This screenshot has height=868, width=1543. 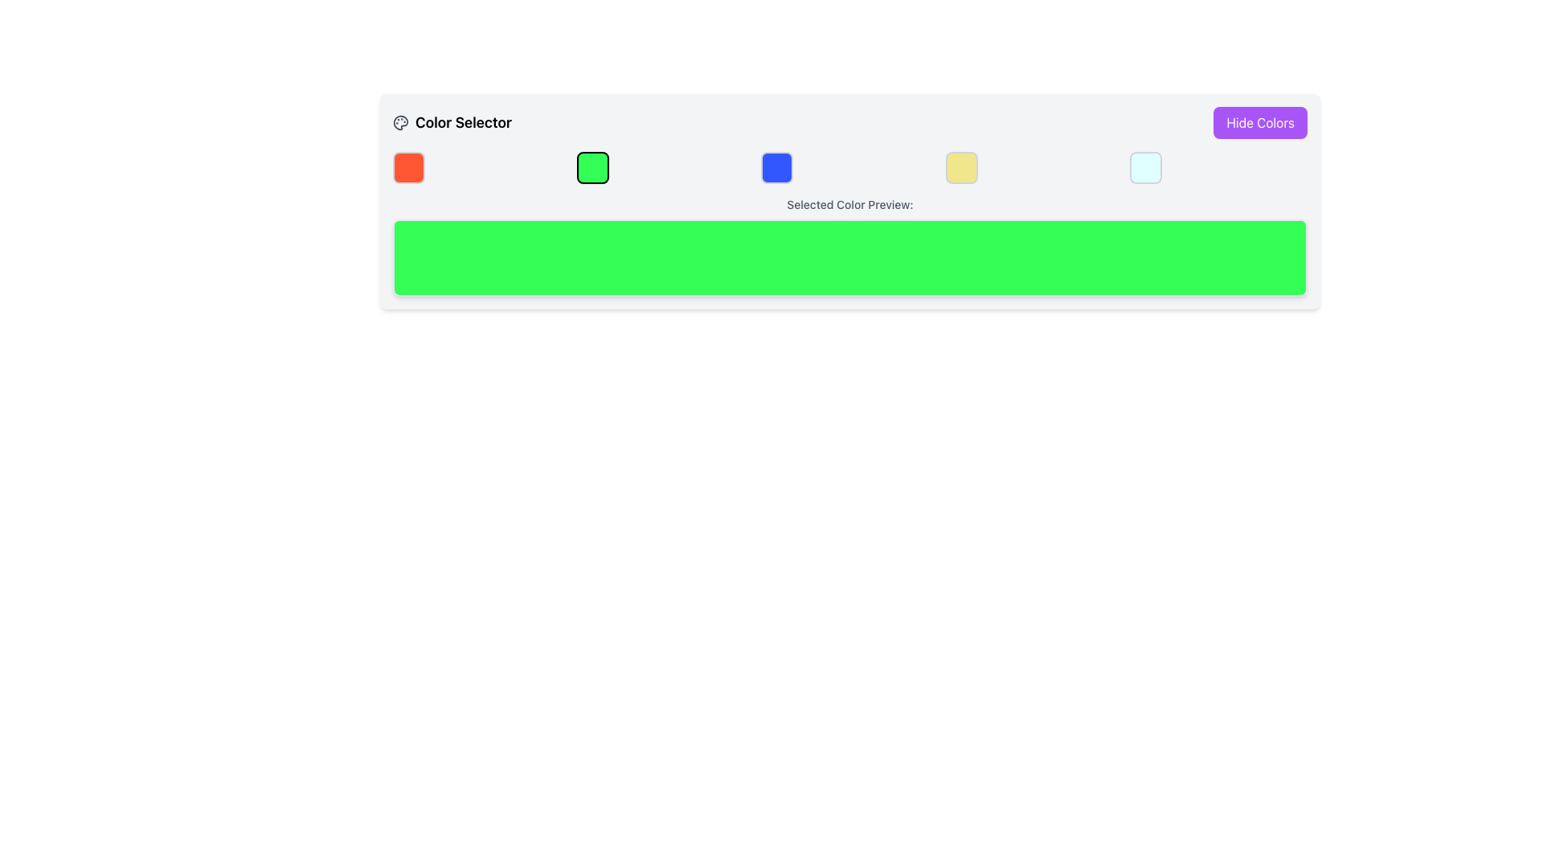 I want to click on the 'Hide Colors' button, which is a purple rectangular button with rounded edges located in the top-right corner of the 'Color Selector' toolbar, to hide the color selection interface, so click(x=1259, y=122).